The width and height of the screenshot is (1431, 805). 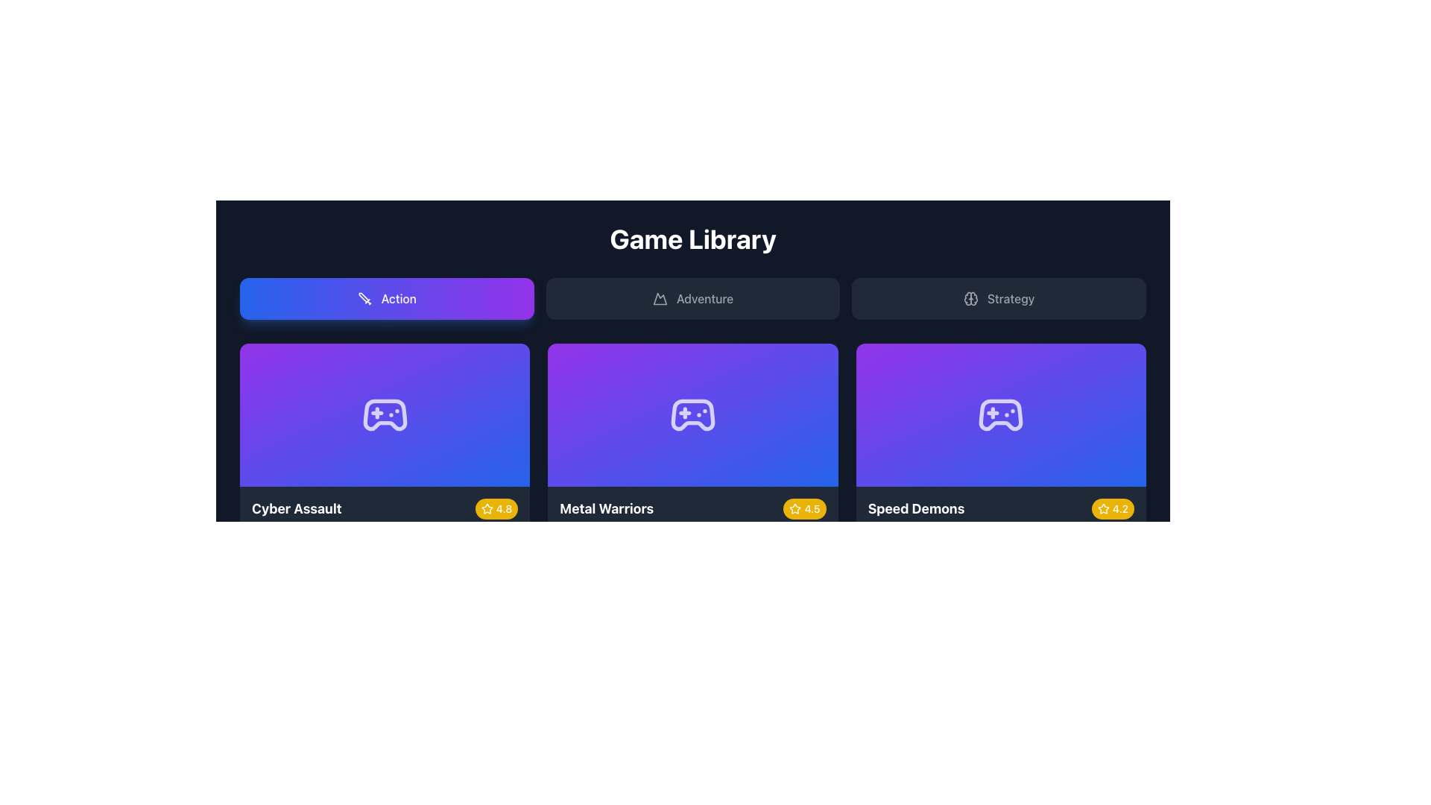 I want to click on the star icon with a white outline on a yellow background located to the left of the '4.2' text within the rating badge at the bottom right of the 'Speed Demons' card, so click(x=1103, y=508).